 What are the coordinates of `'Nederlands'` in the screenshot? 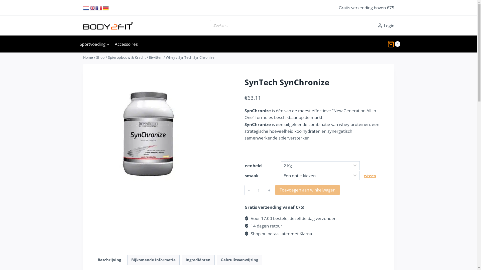 It's located at (83, 7).